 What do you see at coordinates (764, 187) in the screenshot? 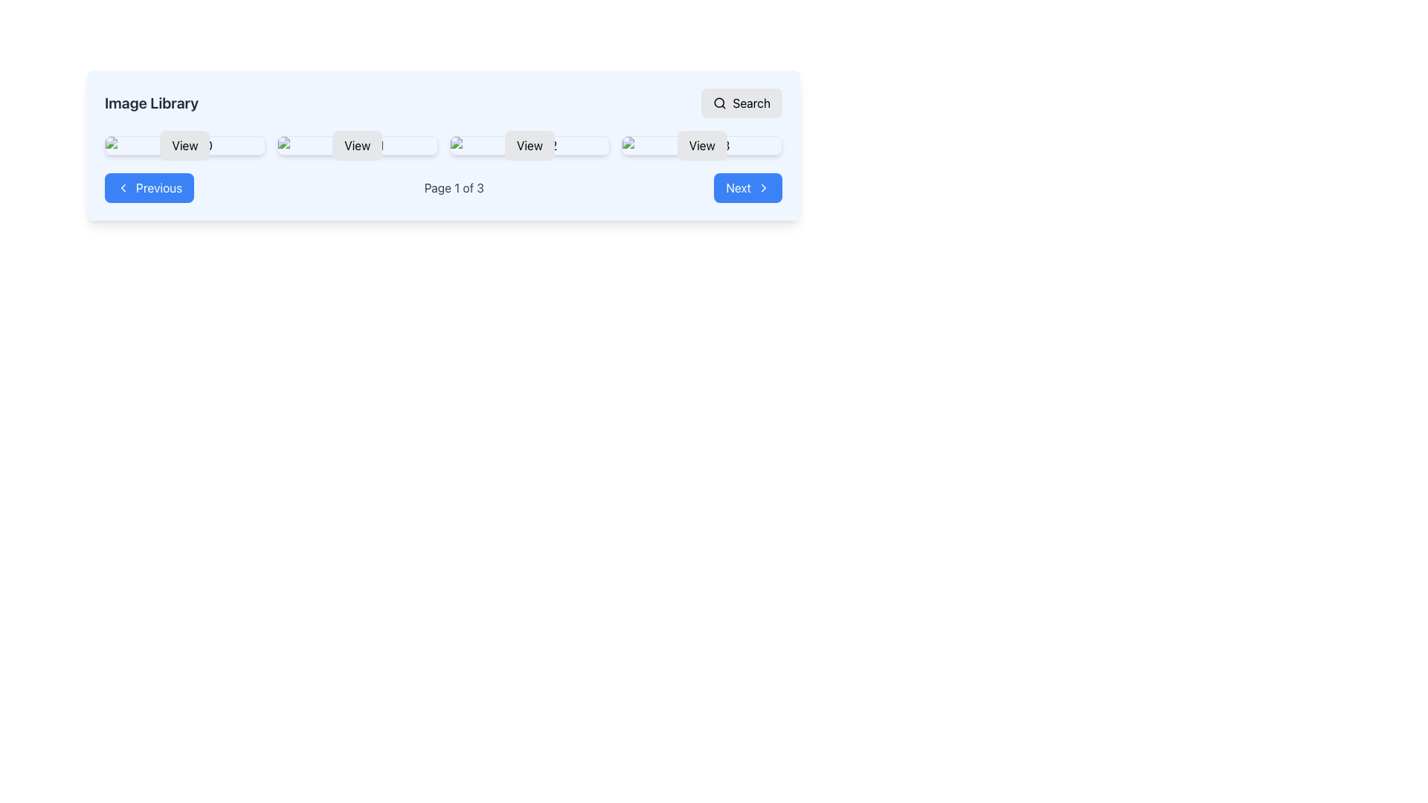
I see `the navigation arrow icon located in the bottom-right corner of the interface to move to the next step` at bounding box center [764, 187].